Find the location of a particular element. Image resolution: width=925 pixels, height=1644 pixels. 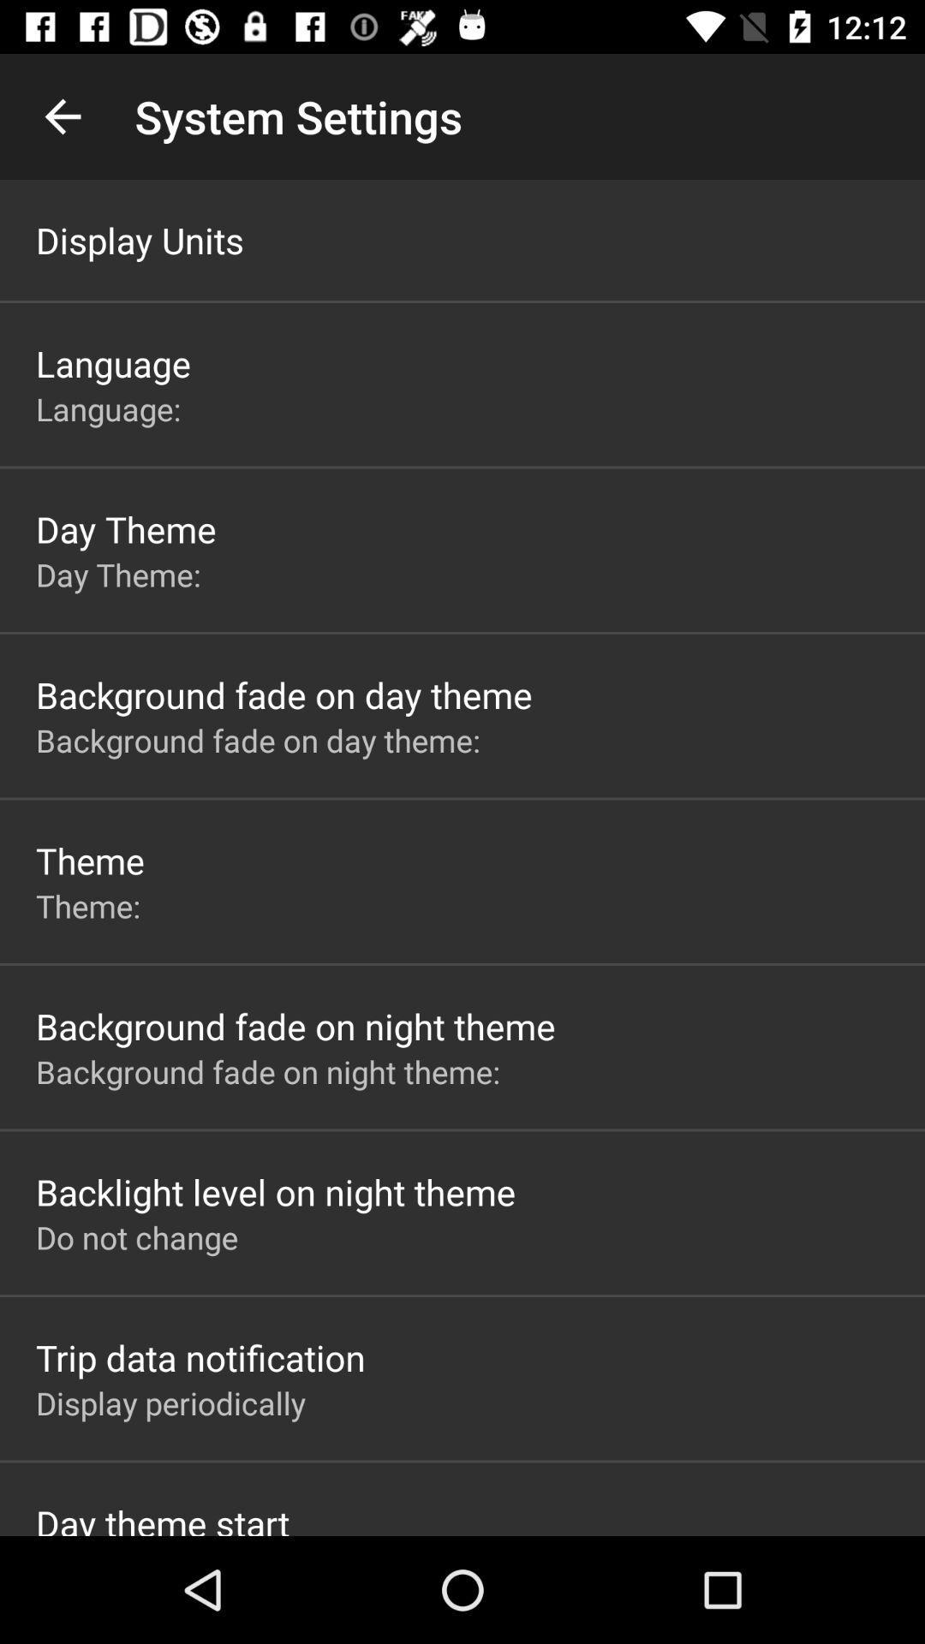

icon to the left of the system settings item is located at coordinates (62, 116).